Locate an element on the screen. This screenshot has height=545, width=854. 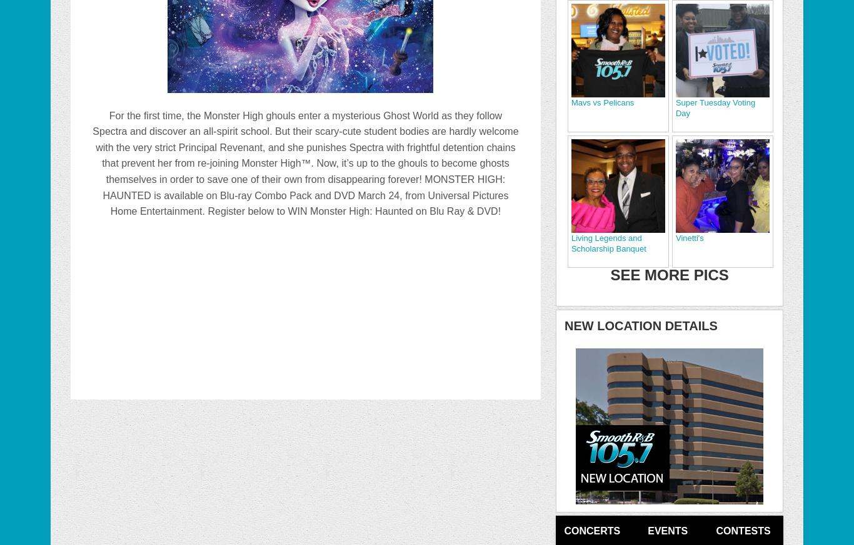
'EVENTS' is located at coordinates (666, 530).